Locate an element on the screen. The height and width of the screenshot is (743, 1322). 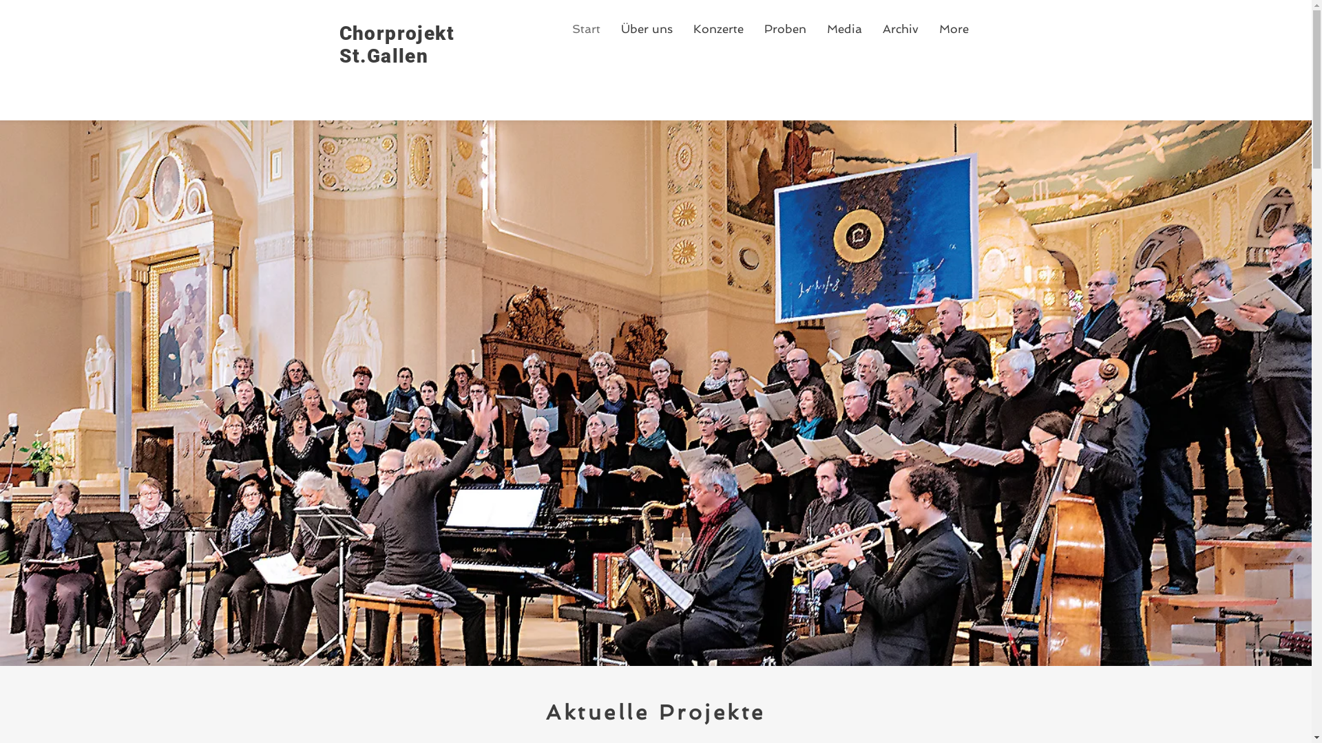
'St.Gallen' is located at coordinates (383, 55).